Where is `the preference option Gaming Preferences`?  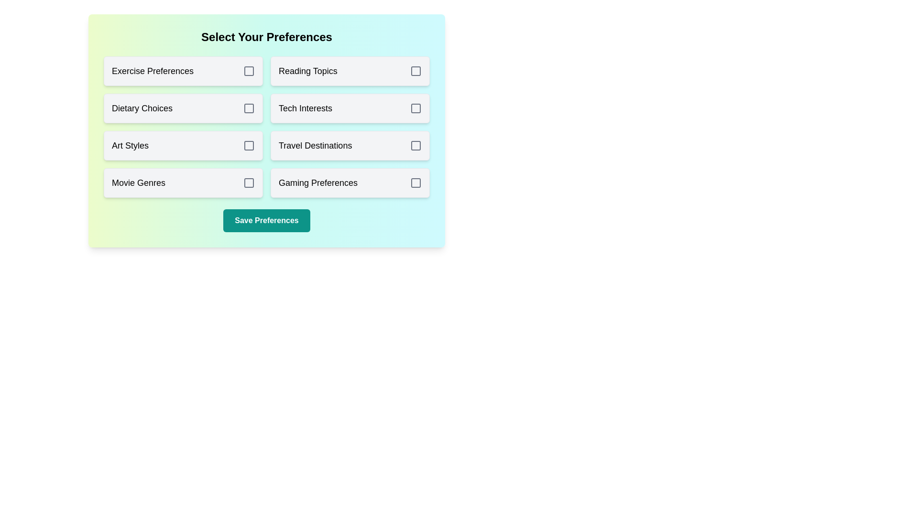 the preference option Gaming Preferences is located at coordinates (350, 183).